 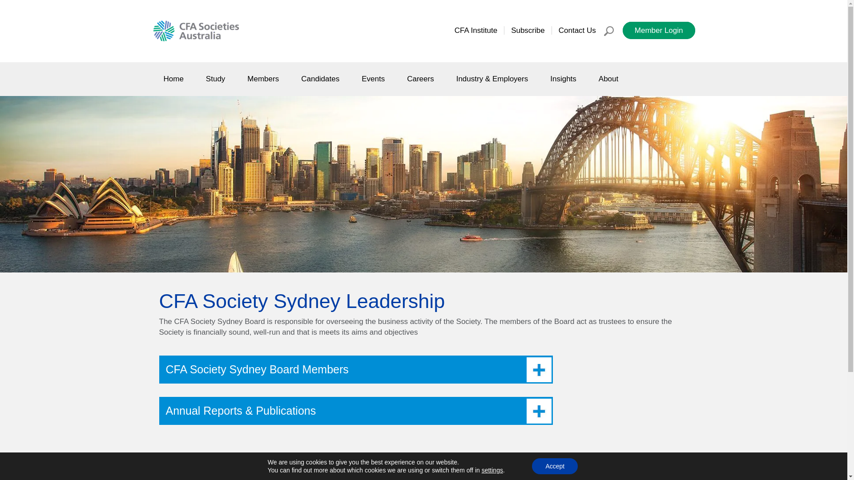 What do you see at coordinates (492, 469) in the screenshot?
I see `'settings'` at bounding box center [492, 469].